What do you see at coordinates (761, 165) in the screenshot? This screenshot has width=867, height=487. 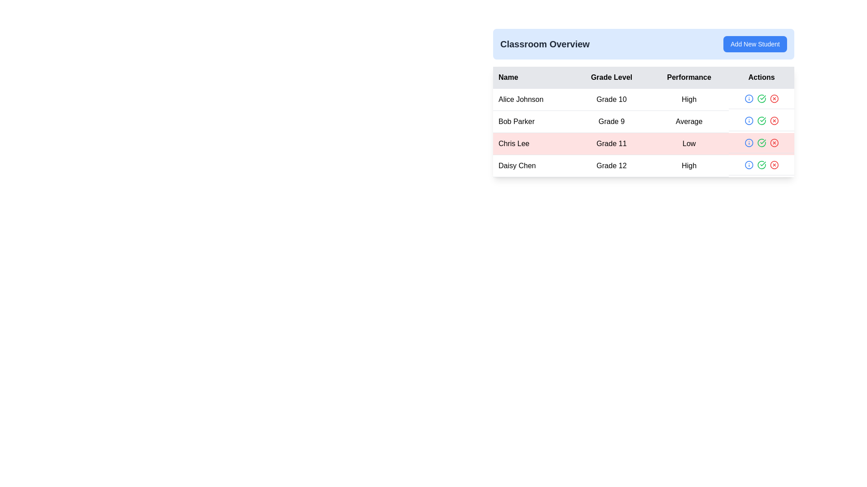 I see `the circular icon button with a green outline and a checkmark inside, located under the Actions column of the table for the entry 'Chris Lee'` at bounding box center [761, 165].